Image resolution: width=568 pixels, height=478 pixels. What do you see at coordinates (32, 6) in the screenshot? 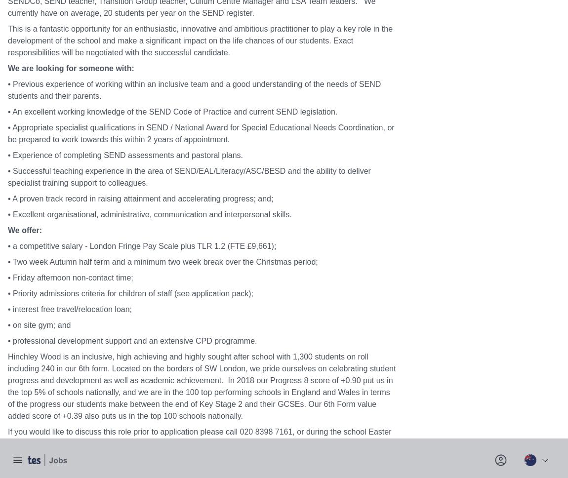
I see `'Ofsted report'` at bounding box center [32, 6].